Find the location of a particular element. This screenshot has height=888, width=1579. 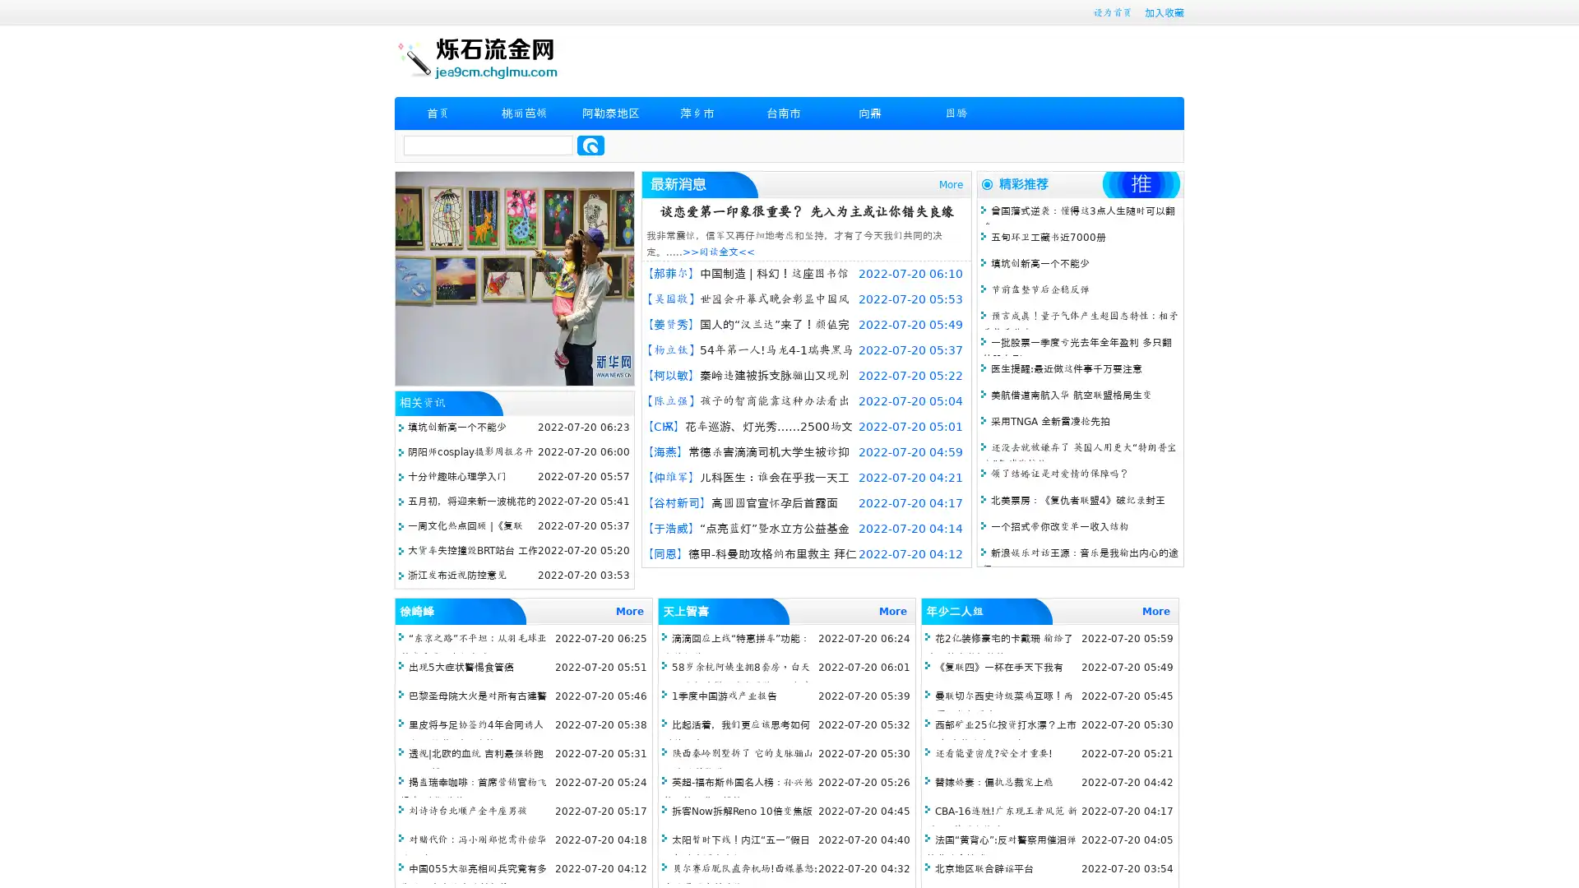

Search is located at coordinates (590, 145).